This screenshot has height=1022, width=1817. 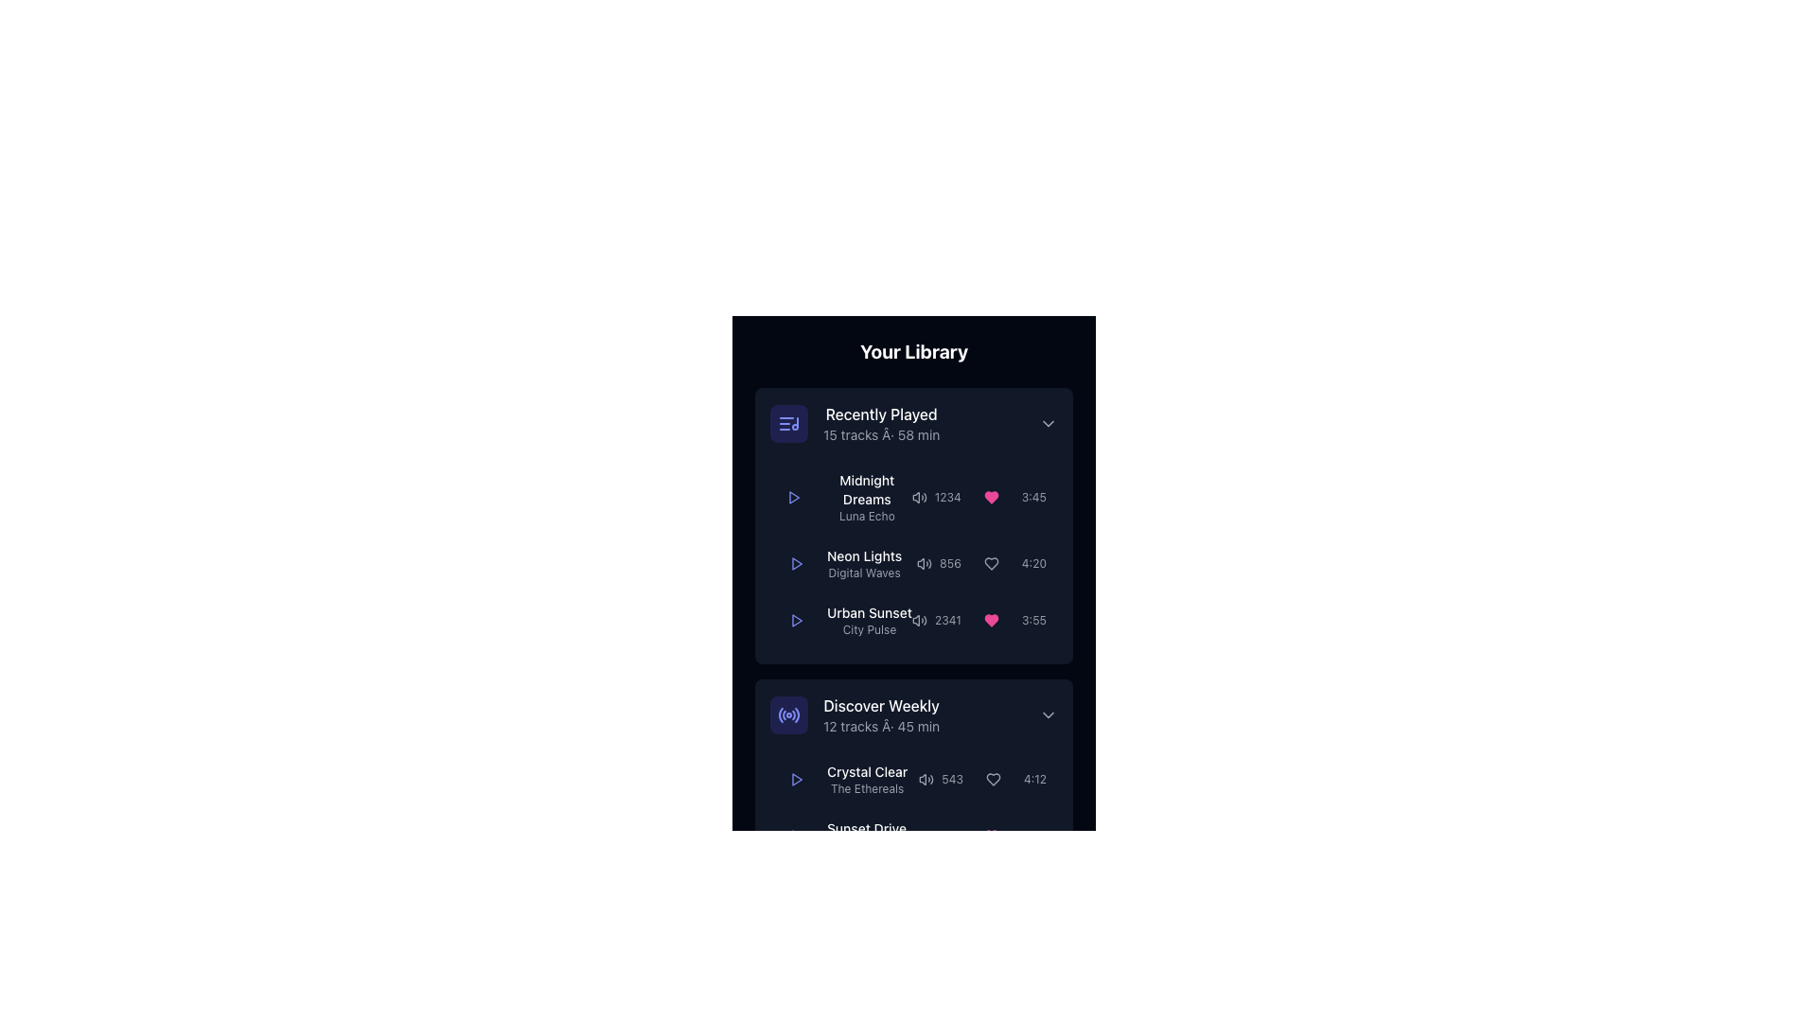 I want to click on the small circular button with a triangular play icon styled in faint indigo color, so click(x=796, y=780).